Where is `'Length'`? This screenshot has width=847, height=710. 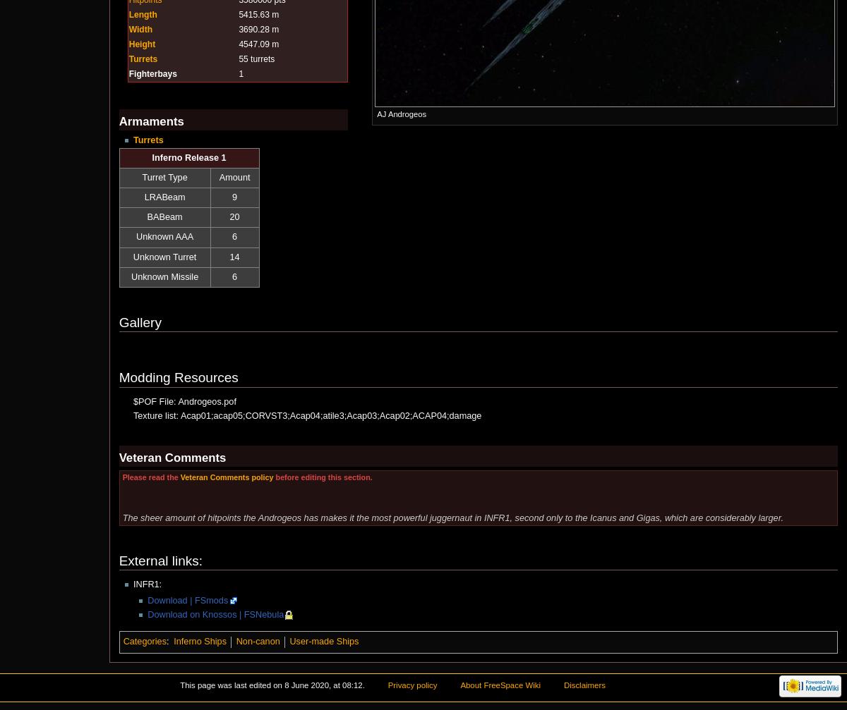 'Length' is located at coordinates (141, 15).